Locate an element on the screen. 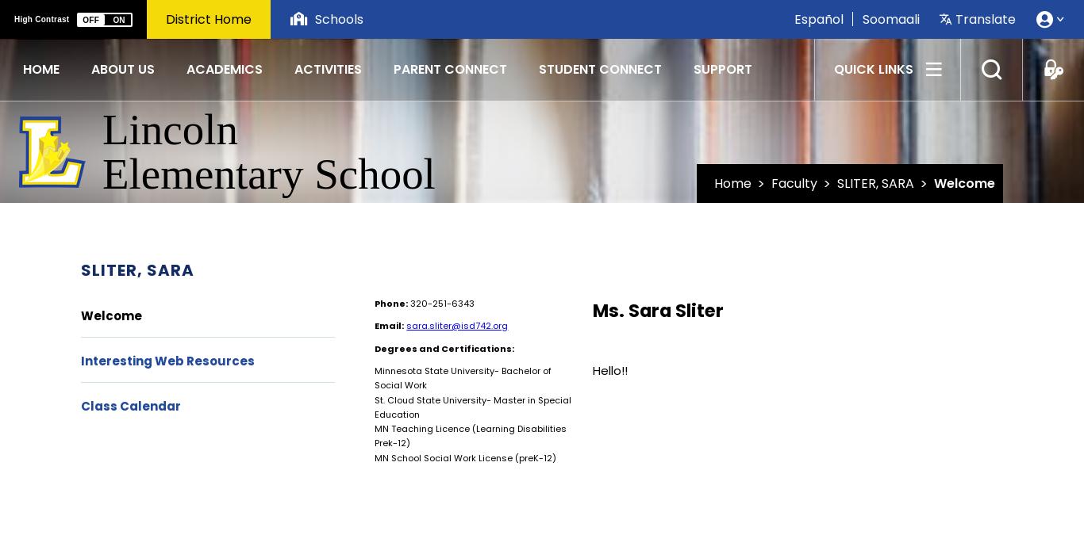 This screenshot has height=535, width=1084. 'MN School Social Work License (preK-12)' is located at coordinates (374, 457).